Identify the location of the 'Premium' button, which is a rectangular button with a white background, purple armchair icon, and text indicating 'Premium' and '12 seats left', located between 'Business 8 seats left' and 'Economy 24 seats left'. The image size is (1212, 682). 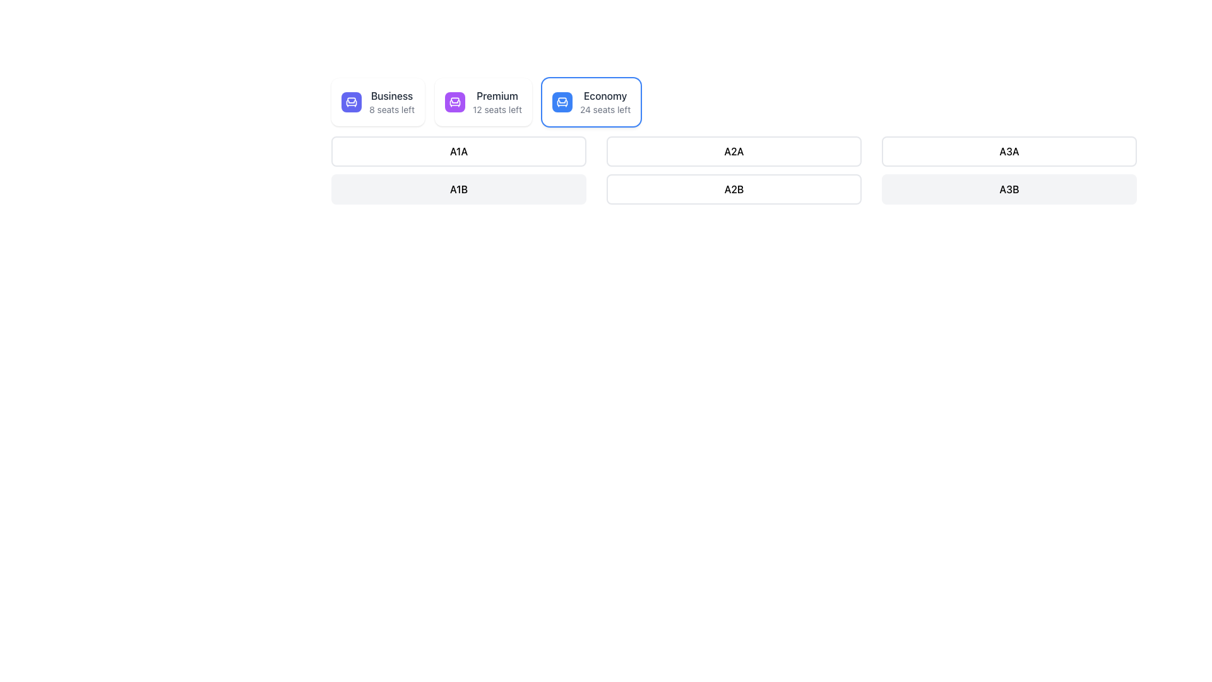
(483, 102).